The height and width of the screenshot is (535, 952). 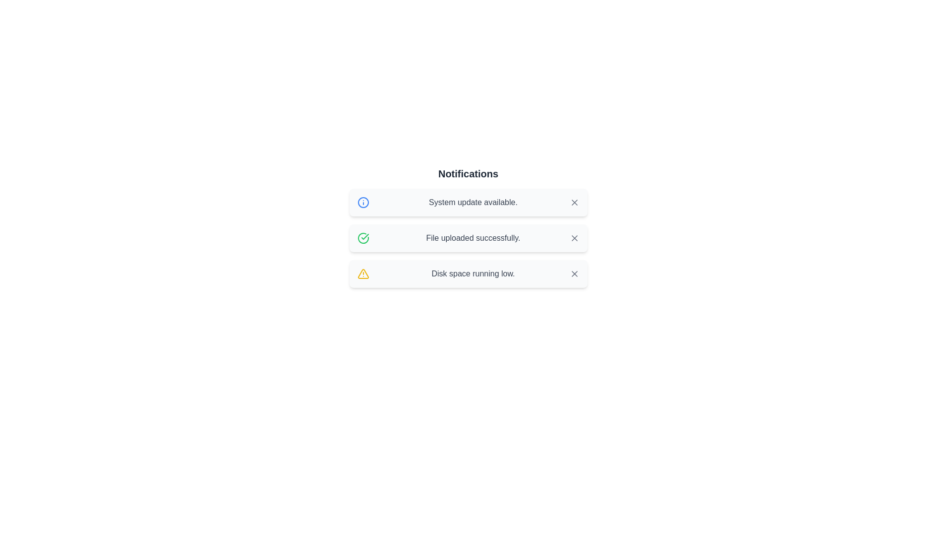 I want to click on the small diagonal cross icon (X) in the third notification item labeled 'Disk space running low', so click(x=574, y=273).